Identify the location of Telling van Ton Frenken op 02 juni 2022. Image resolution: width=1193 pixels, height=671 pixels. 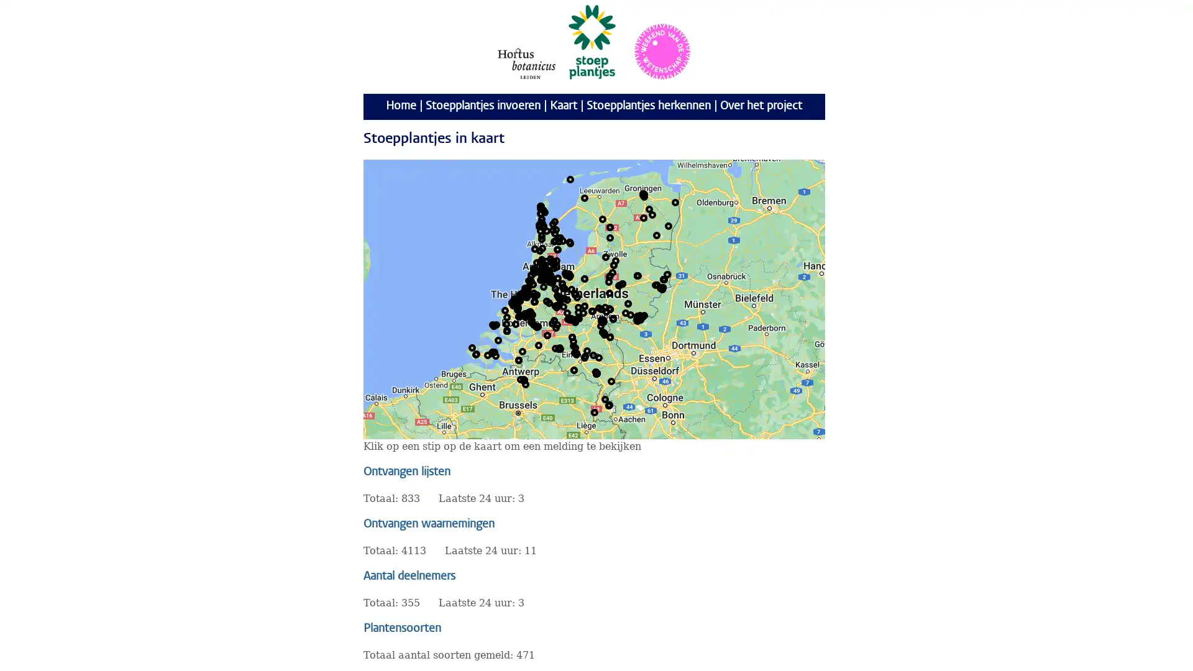
(595, 370).